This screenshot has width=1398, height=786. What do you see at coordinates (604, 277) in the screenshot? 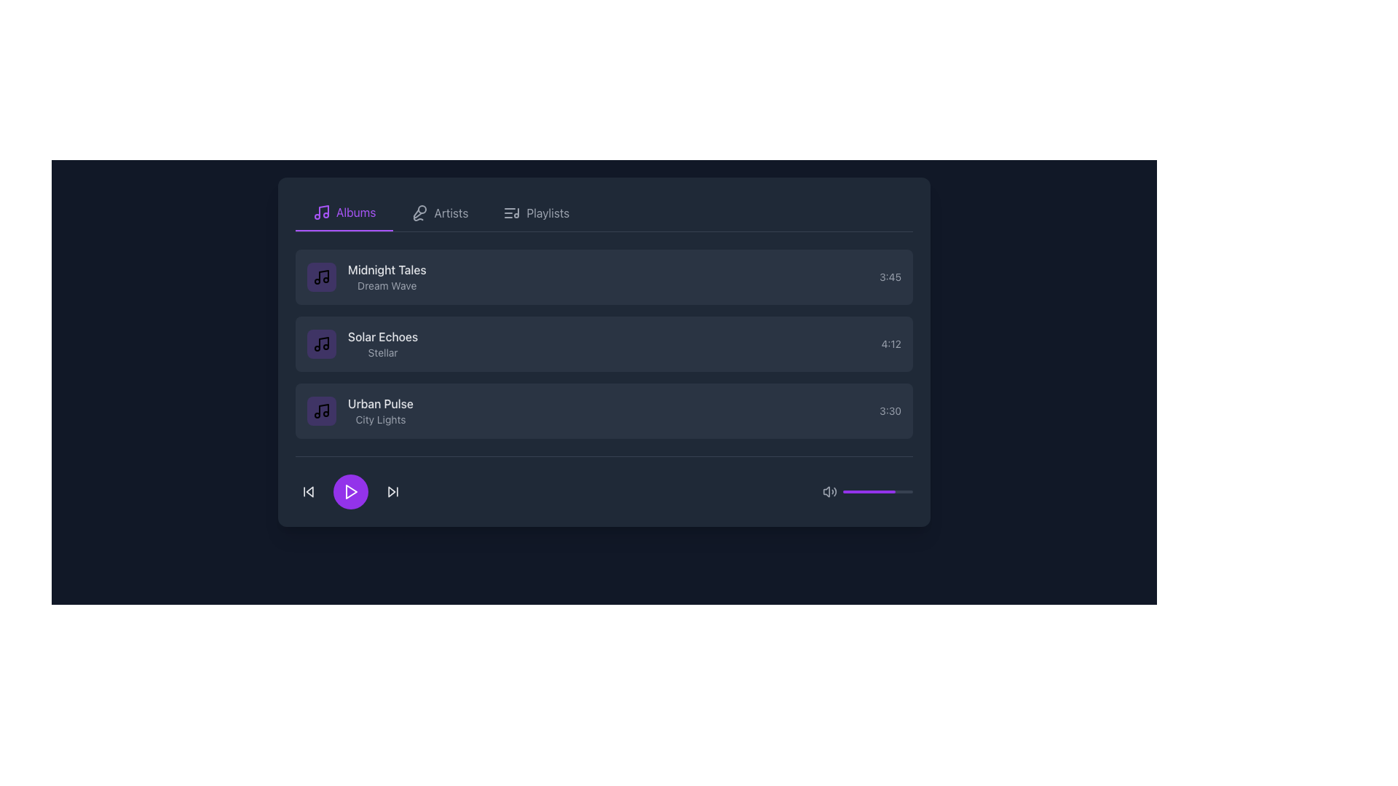
I see `the list item representing a musical track` at bounding box center [604, 277].